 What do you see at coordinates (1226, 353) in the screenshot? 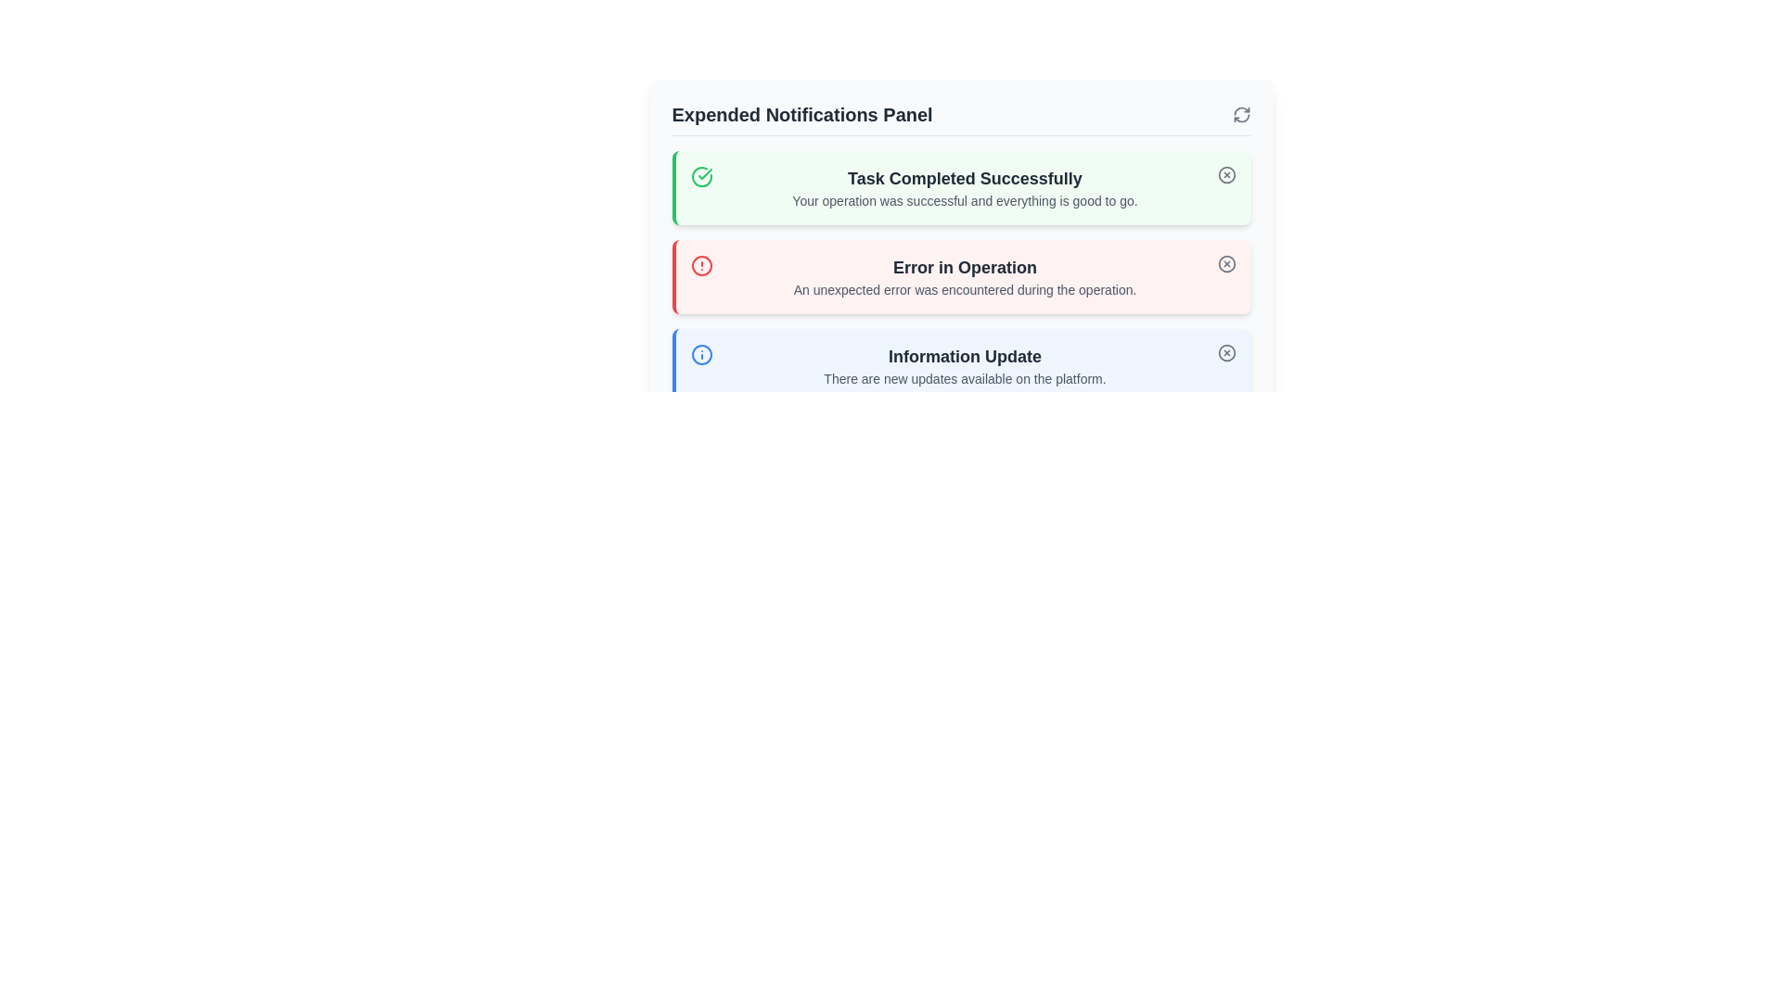
I see `the circular icon next to the 'Information Update' notification` at bounding box center [1226, 353].